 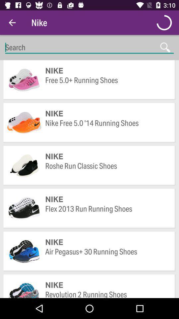 What do you see at coordinates (107, 170) in the screenshot?
I see `icon below nike item` at bounding box center [107, 170].